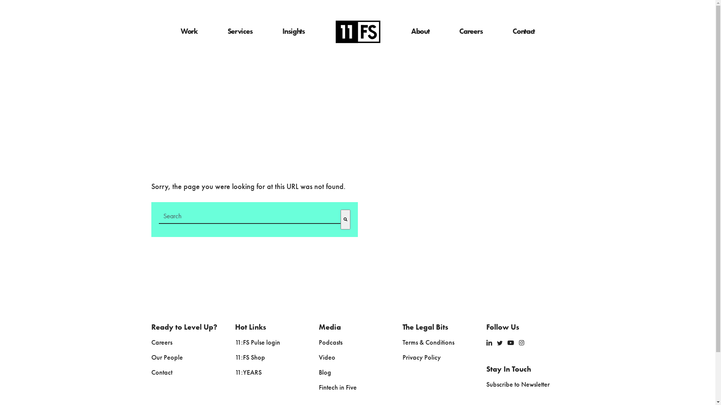 The width and height of the screenshot is (721, 405). I want to click on '11:FS Shop', so click(250, 357).